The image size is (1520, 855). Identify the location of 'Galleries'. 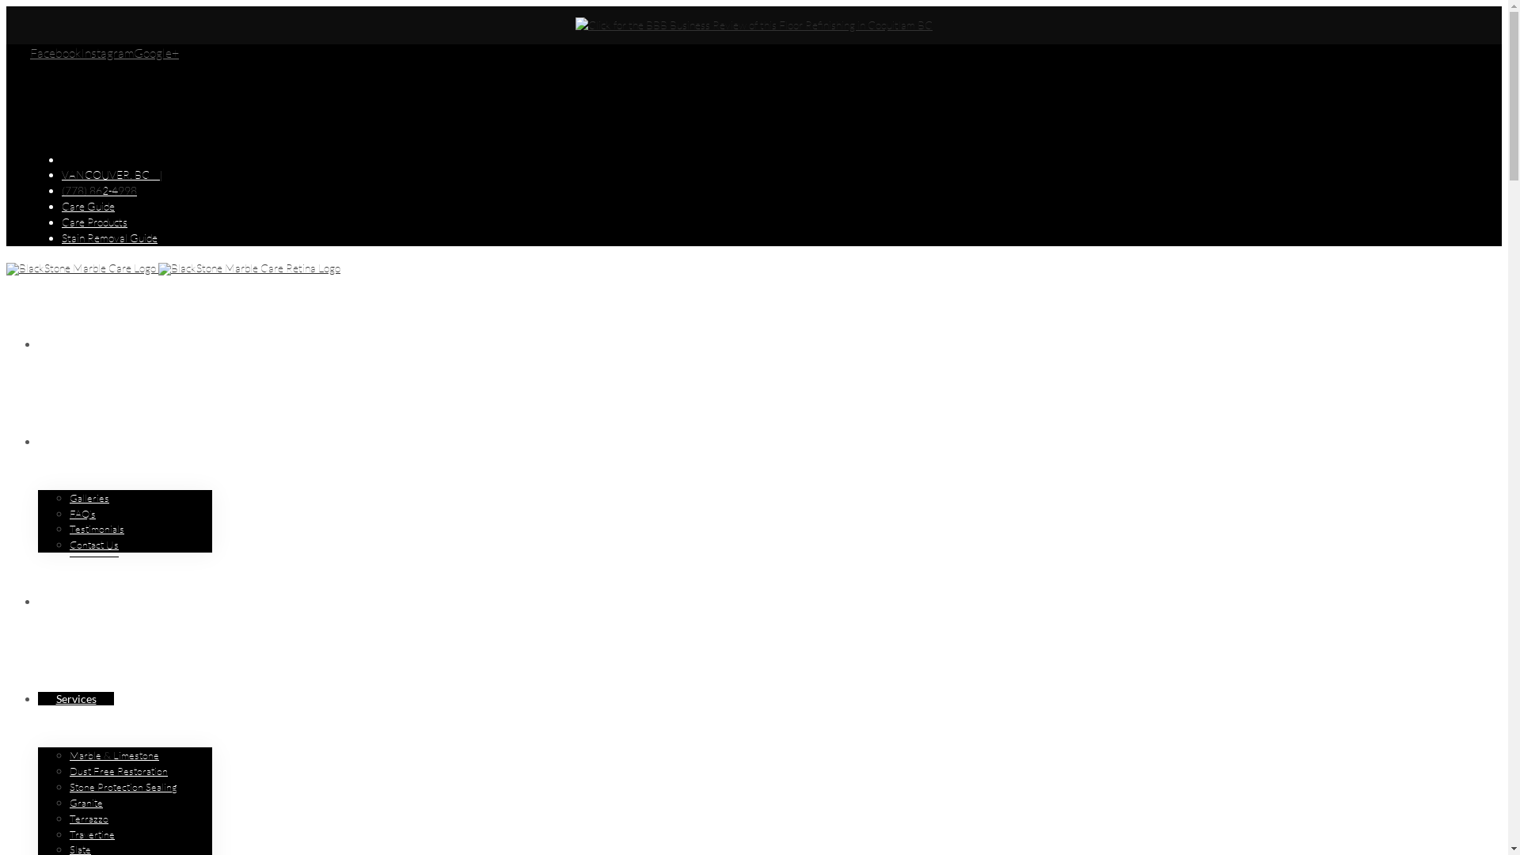
(89, 497).